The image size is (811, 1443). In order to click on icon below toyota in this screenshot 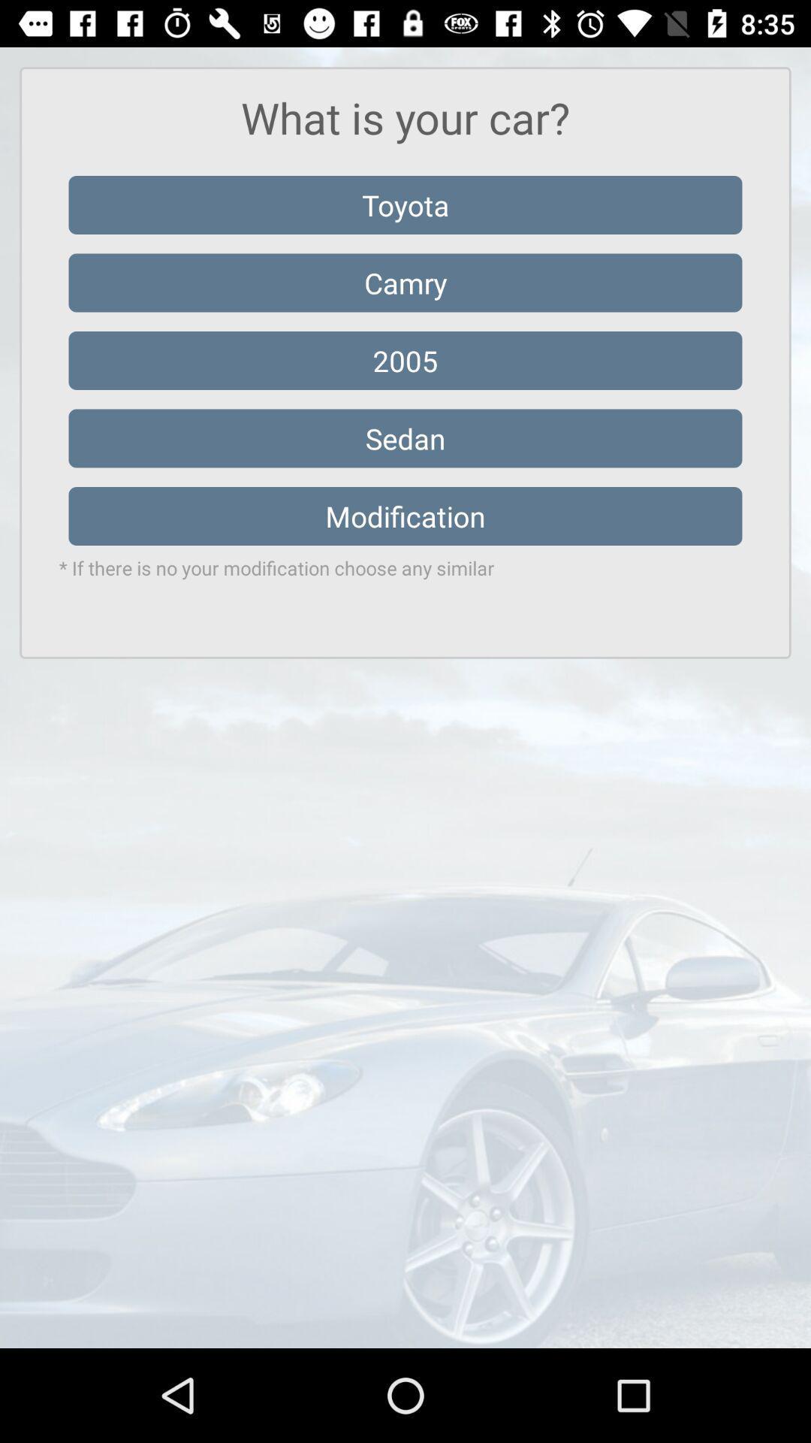, I will do `click(405, 283)`.